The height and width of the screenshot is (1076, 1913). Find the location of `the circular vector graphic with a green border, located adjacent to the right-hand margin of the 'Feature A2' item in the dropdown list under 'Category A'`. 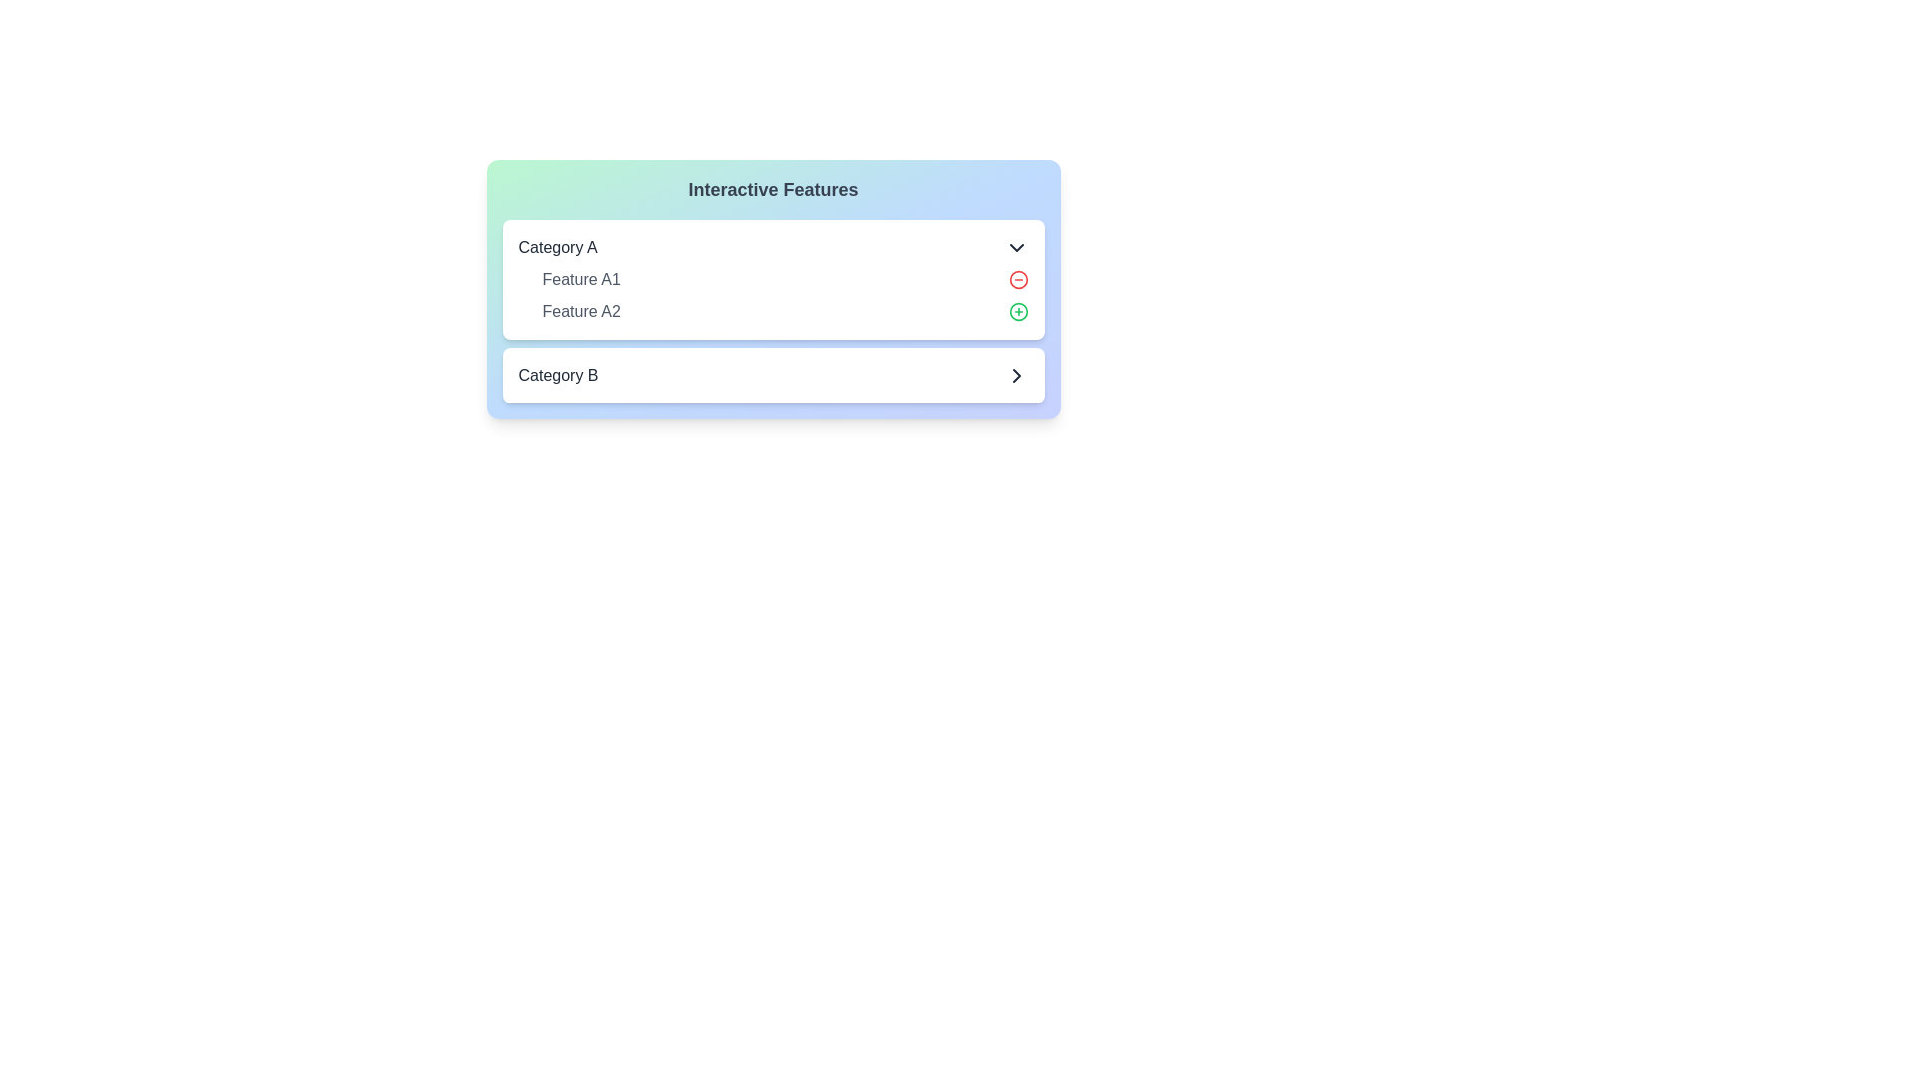

the circular vector graphic with a green border, located adjacent to the right-hand margin of the 'Feature A2' item in the dropdown list under 'Category A' is located at coordinates (1018, 311).